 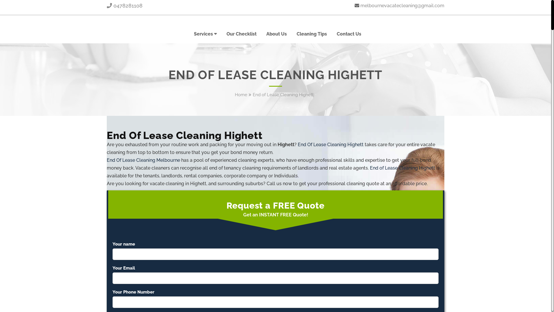 What do you see at coordinates (106, 5) in the screenshot?
I see `'0478281108'` at bounding box center [106, 5].